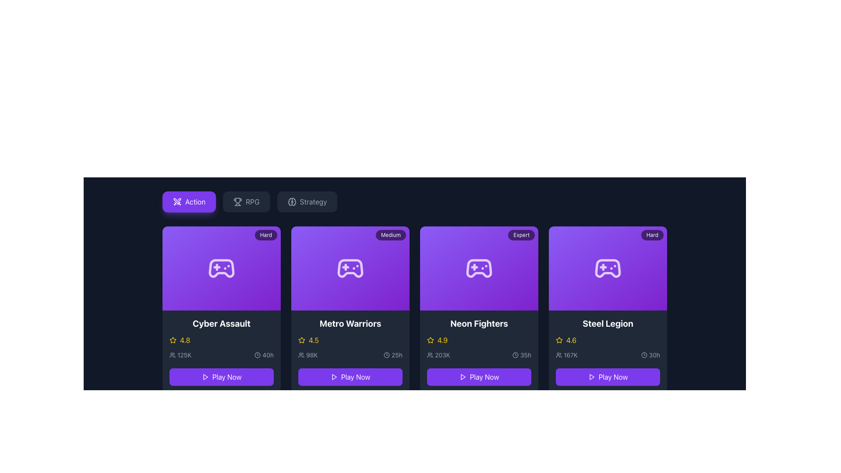  Describe the element at coordinates (238, 202) in the screenshot. I see `the trophy icon located next to the 'RPG' text in the top horizontal navigation bar` at that location.